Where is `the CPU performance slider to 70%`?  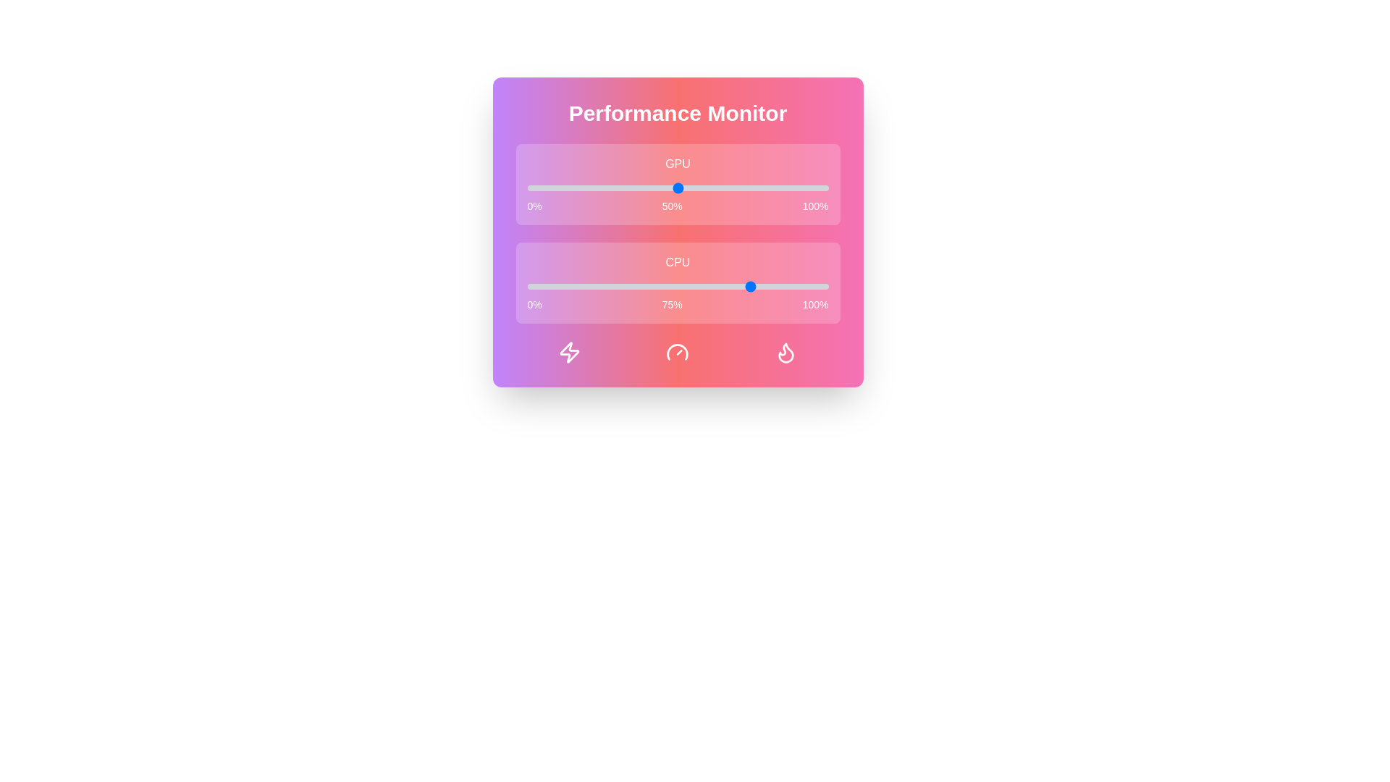
the CPU performance slider to 70% is located at coordinates (738, 287).